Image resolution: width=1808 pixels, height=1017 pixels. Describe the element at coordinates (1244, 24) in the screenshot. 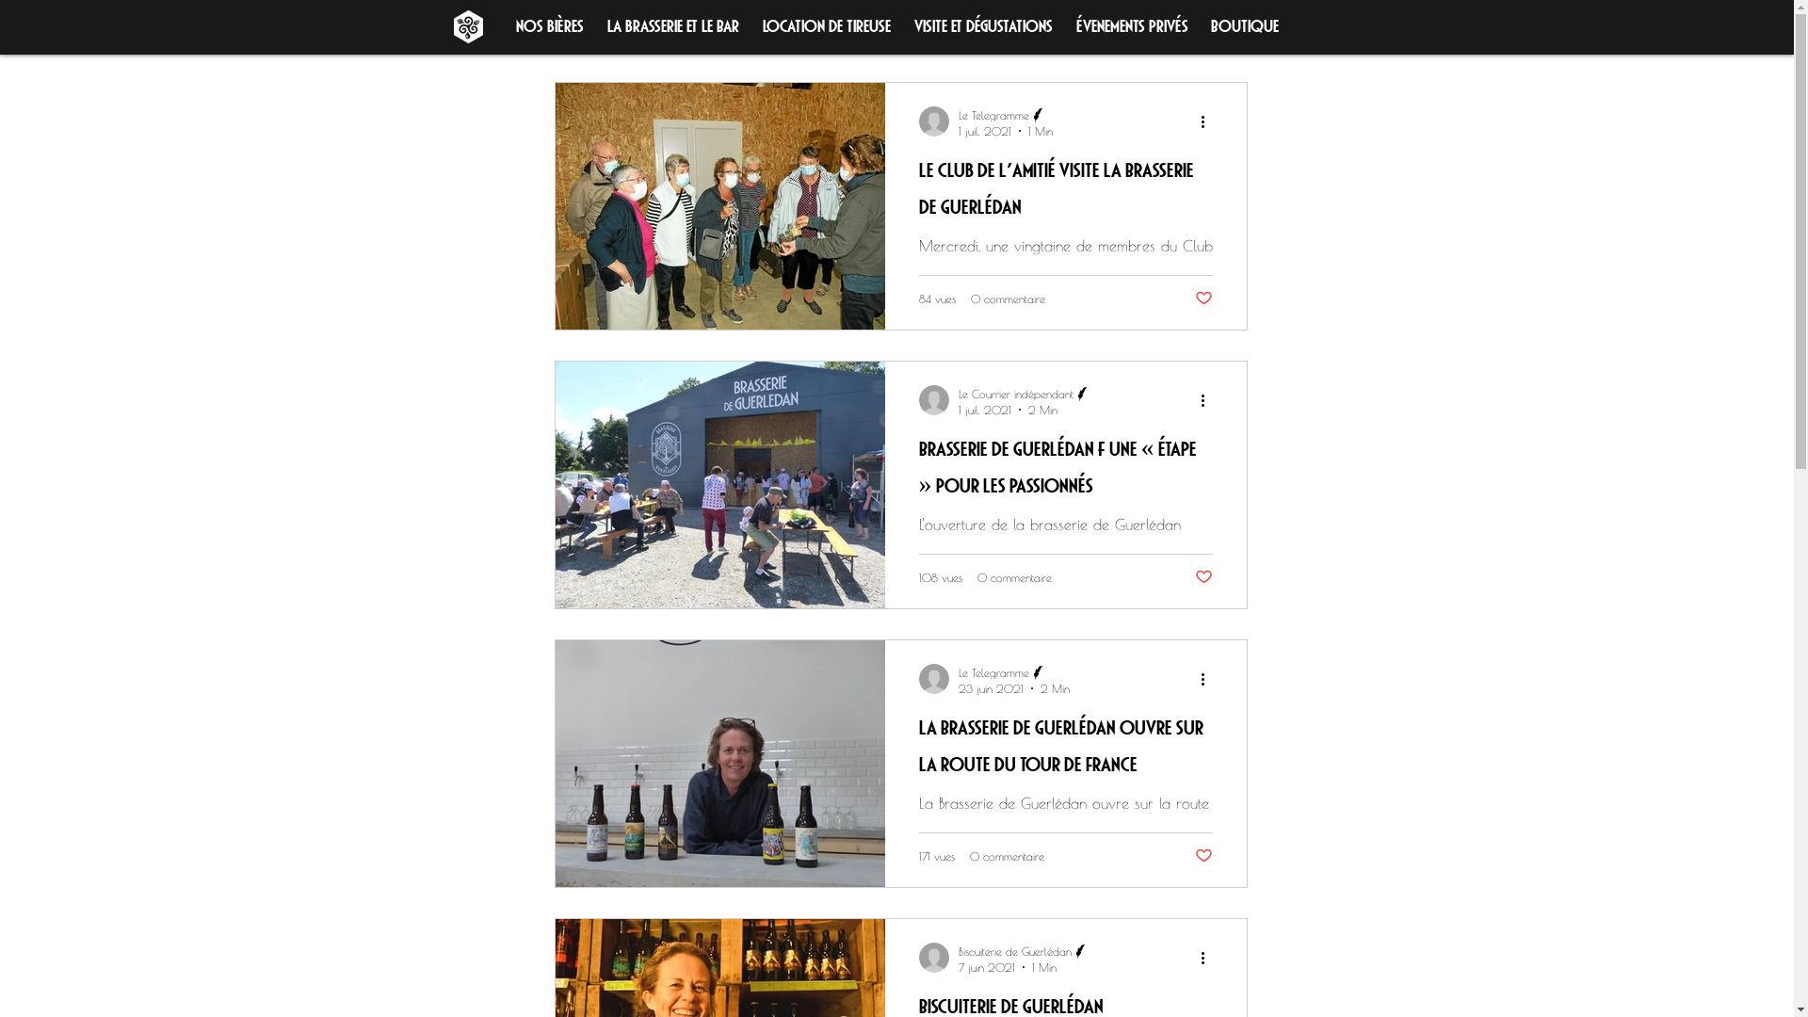

I see `'Boutique'` at that location.